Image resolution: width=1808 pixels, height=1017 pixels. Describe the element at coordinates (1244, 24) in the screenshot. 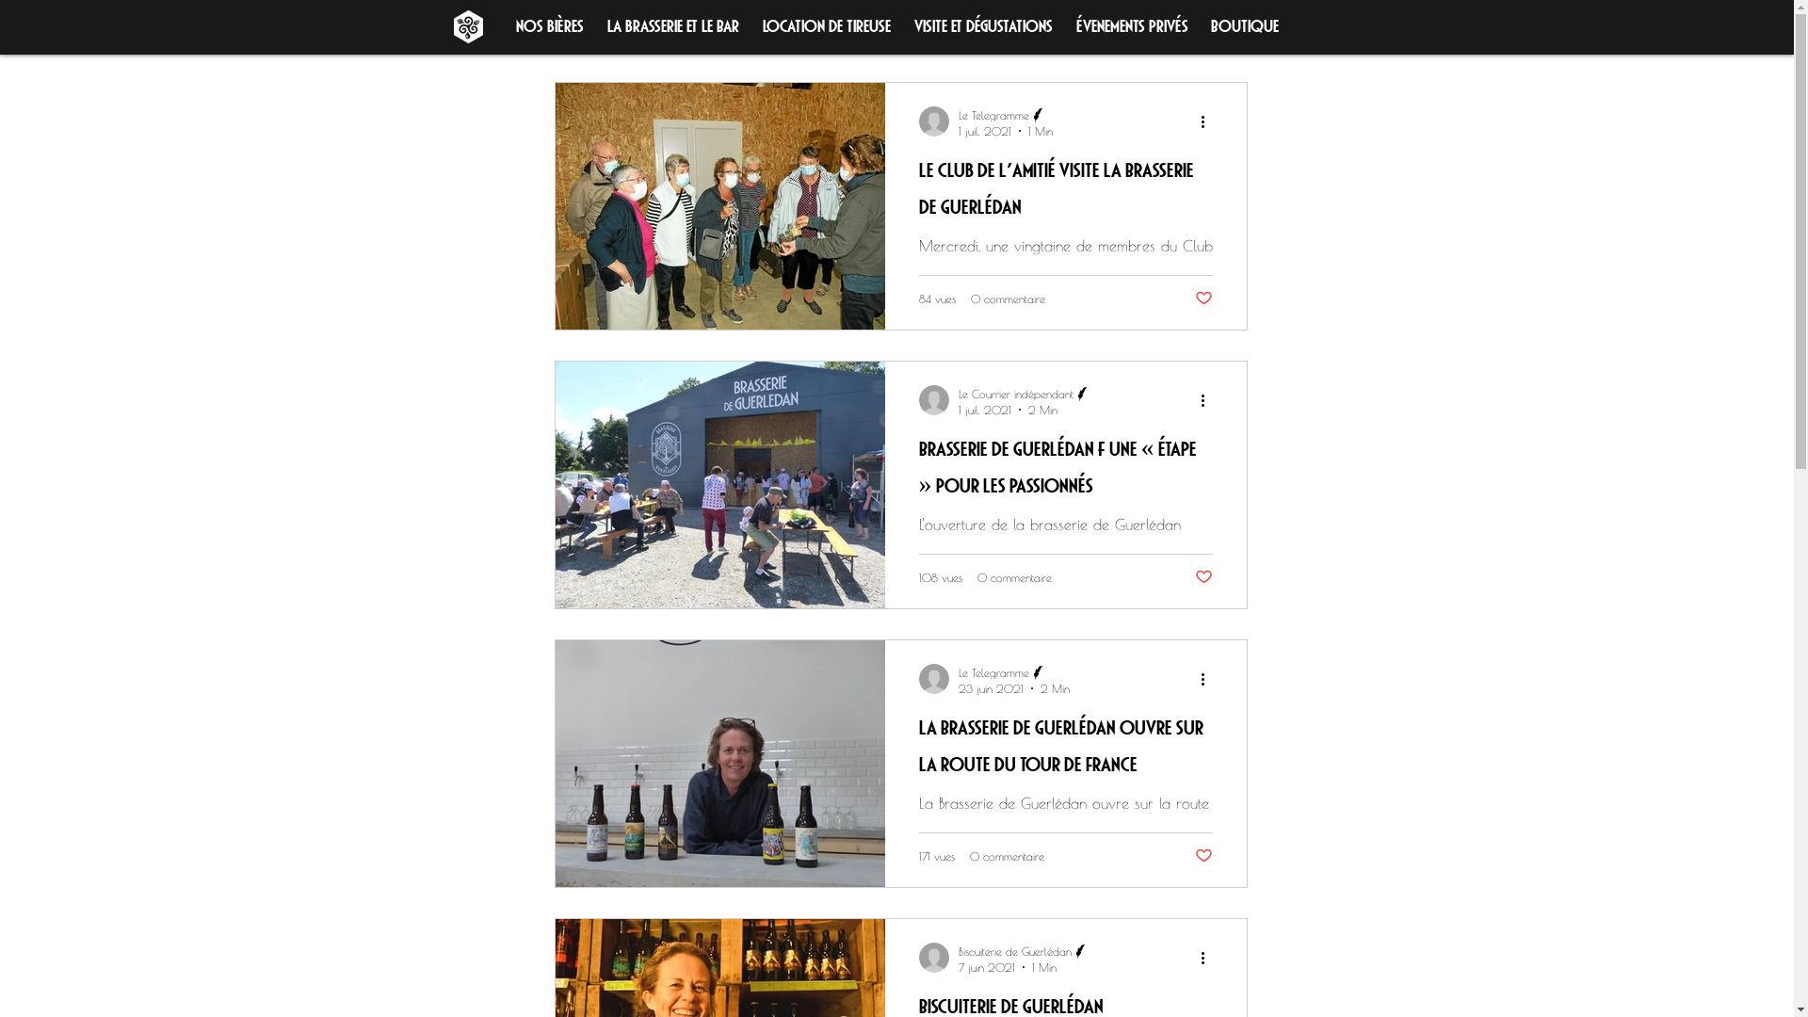

I see `'Boutique'` at that location.